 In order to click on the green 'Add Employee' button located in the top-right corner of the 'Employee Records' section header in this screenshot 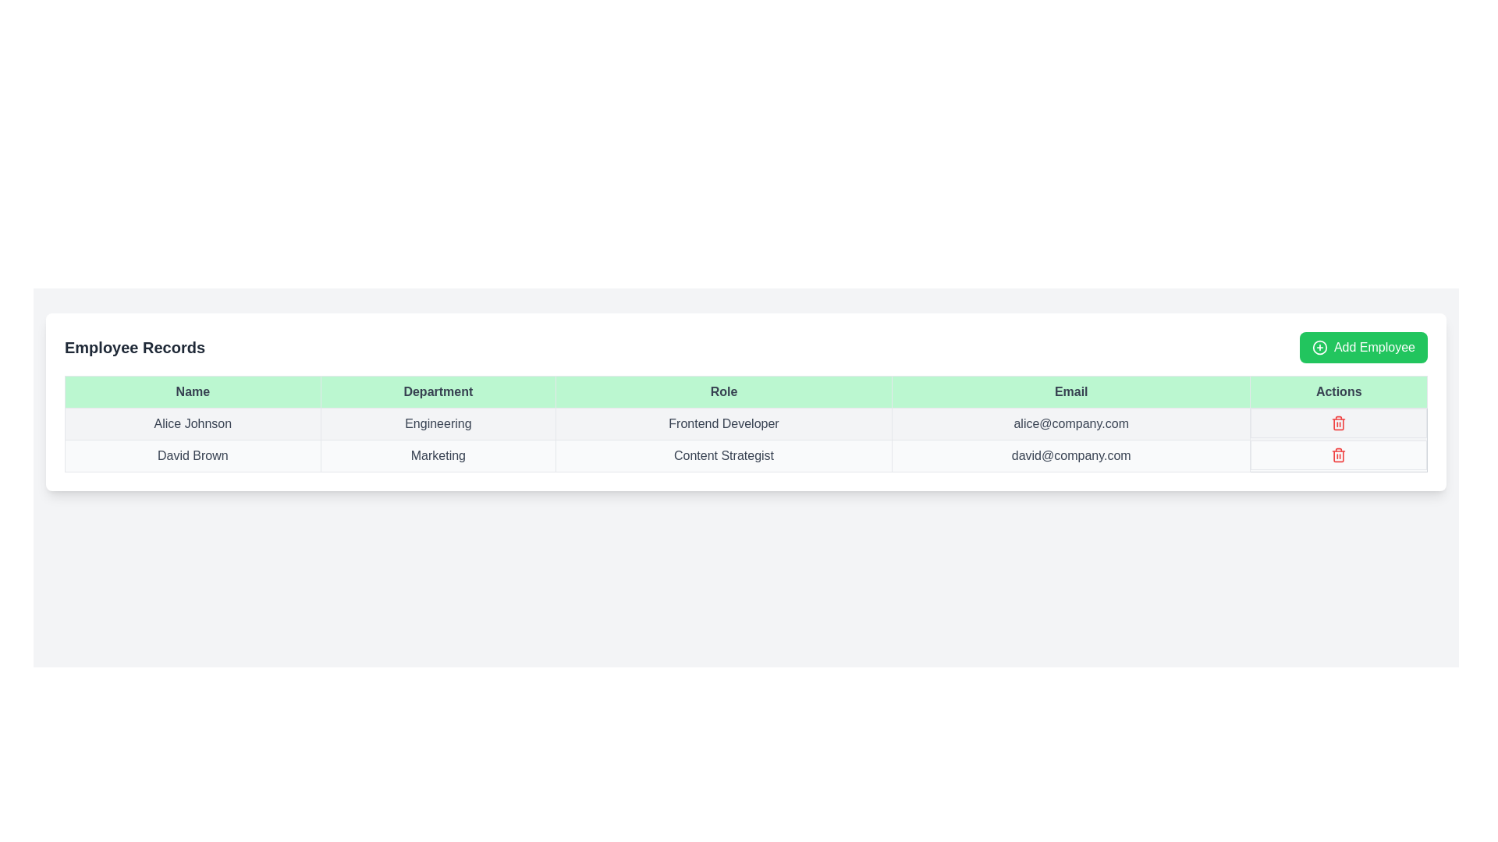, I will do `click(1362, 347)`.